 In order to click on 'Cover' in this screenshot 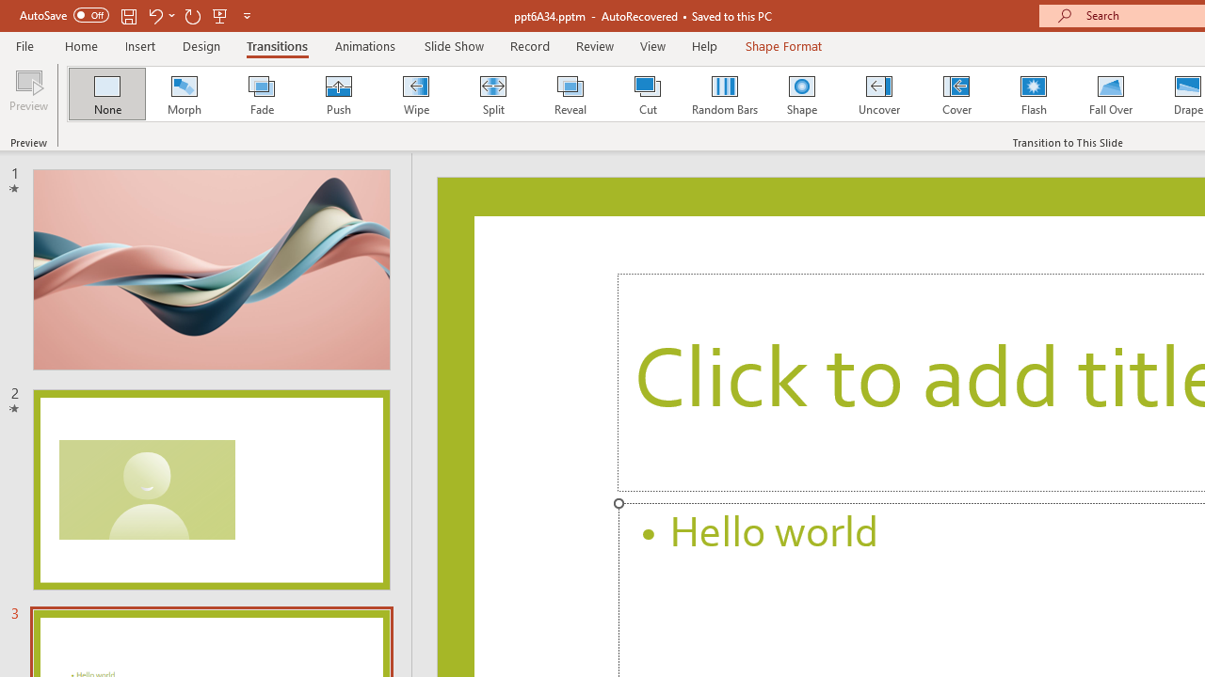, I will do `click(956, 94)`.